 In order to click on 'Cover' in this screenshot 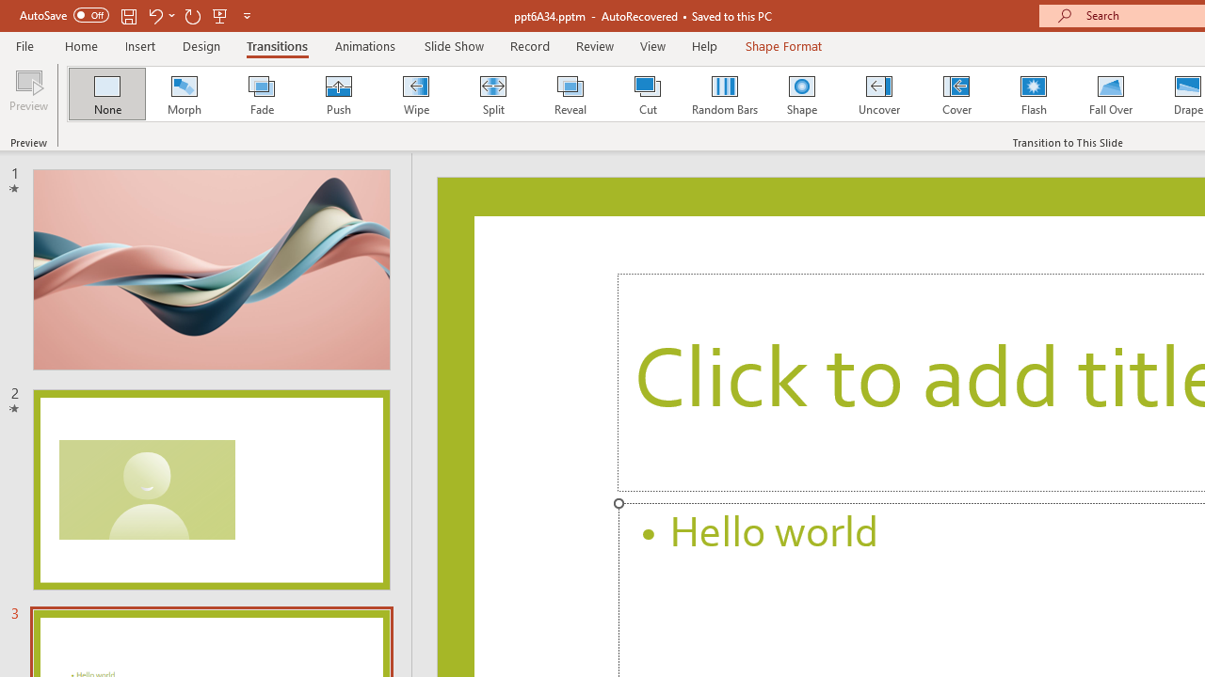, I will do `click(956, 94)`.